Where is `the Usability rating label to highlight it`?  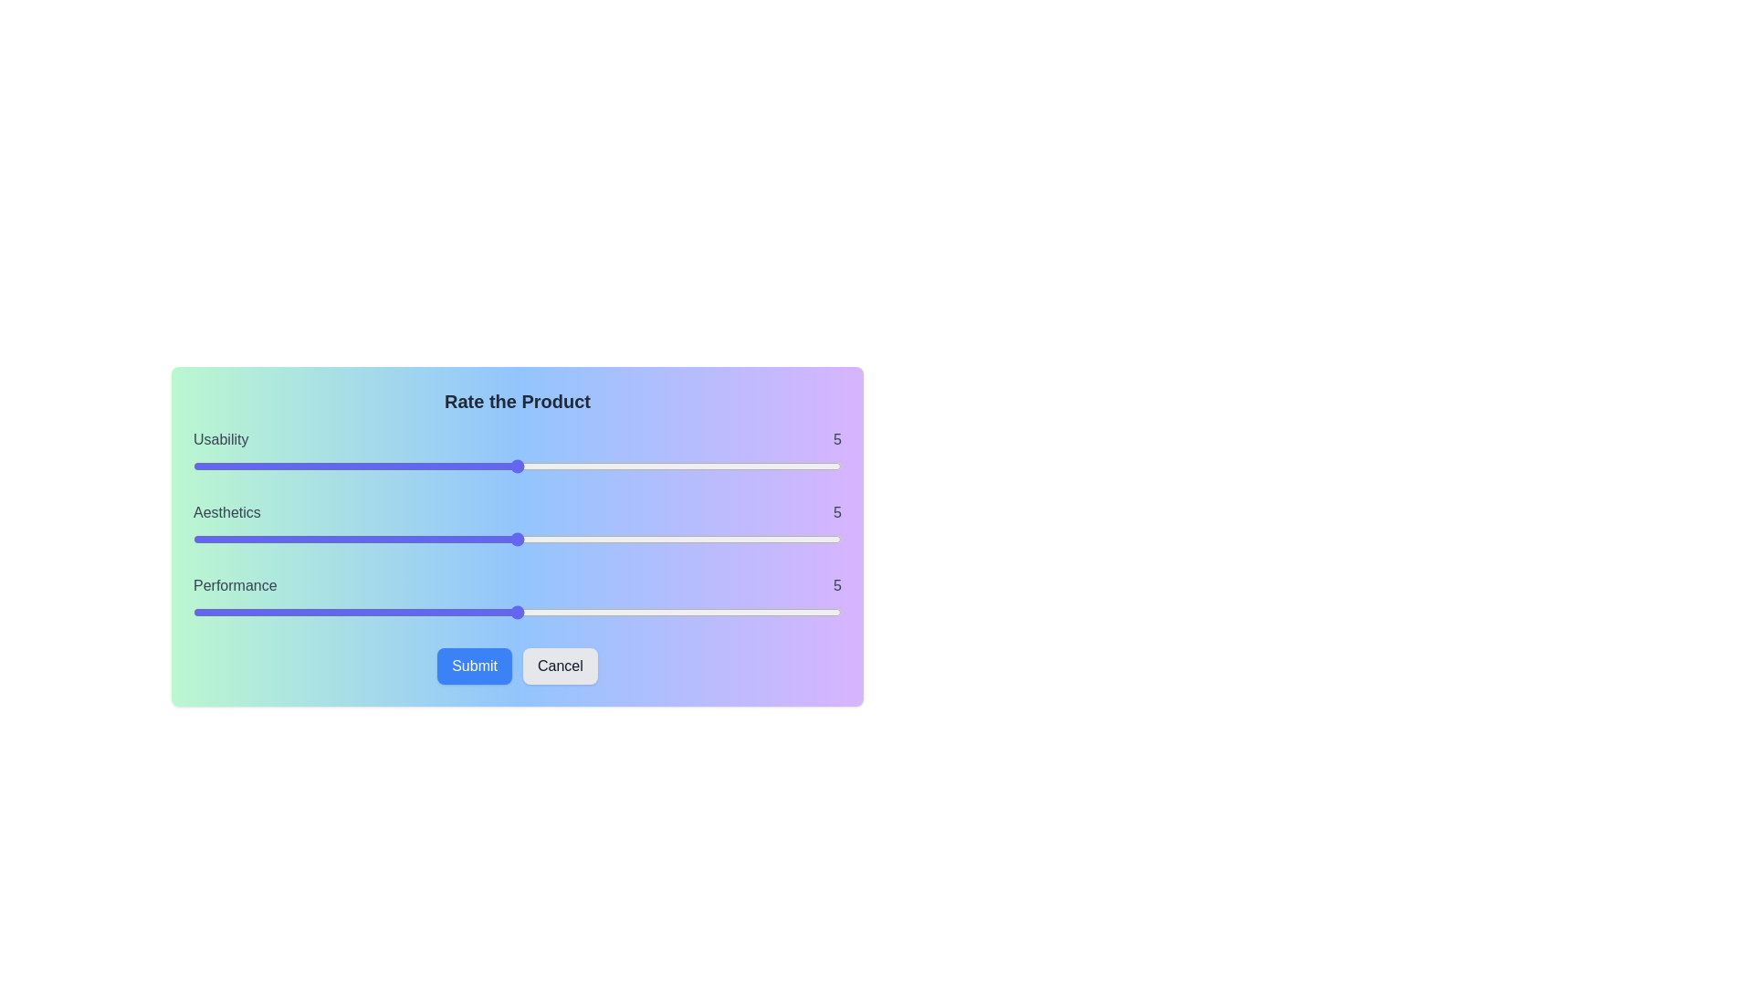 the Usability rating label to highlight it is located at coordinates (219, 440).